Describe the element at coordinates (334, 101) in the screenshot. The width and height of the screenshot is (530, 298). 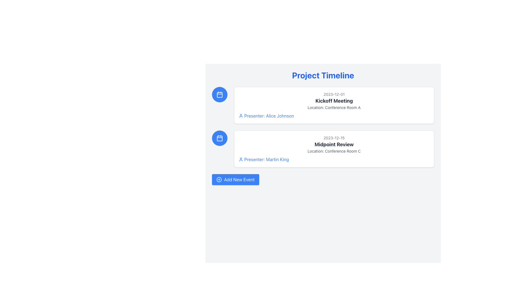
I see `the static text label reading 'Kickoff Meeting', which is styled in bold with a larger font size and dark gray color, positioned centrally below the date and above the location details in a vertical list of timeline entries` at that location.